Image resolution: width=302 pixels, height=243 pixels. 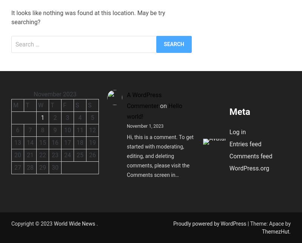 What do you see at coordinates (67, 142) in the screenshot?
I see `'17'` at bounding box center [67, 142].